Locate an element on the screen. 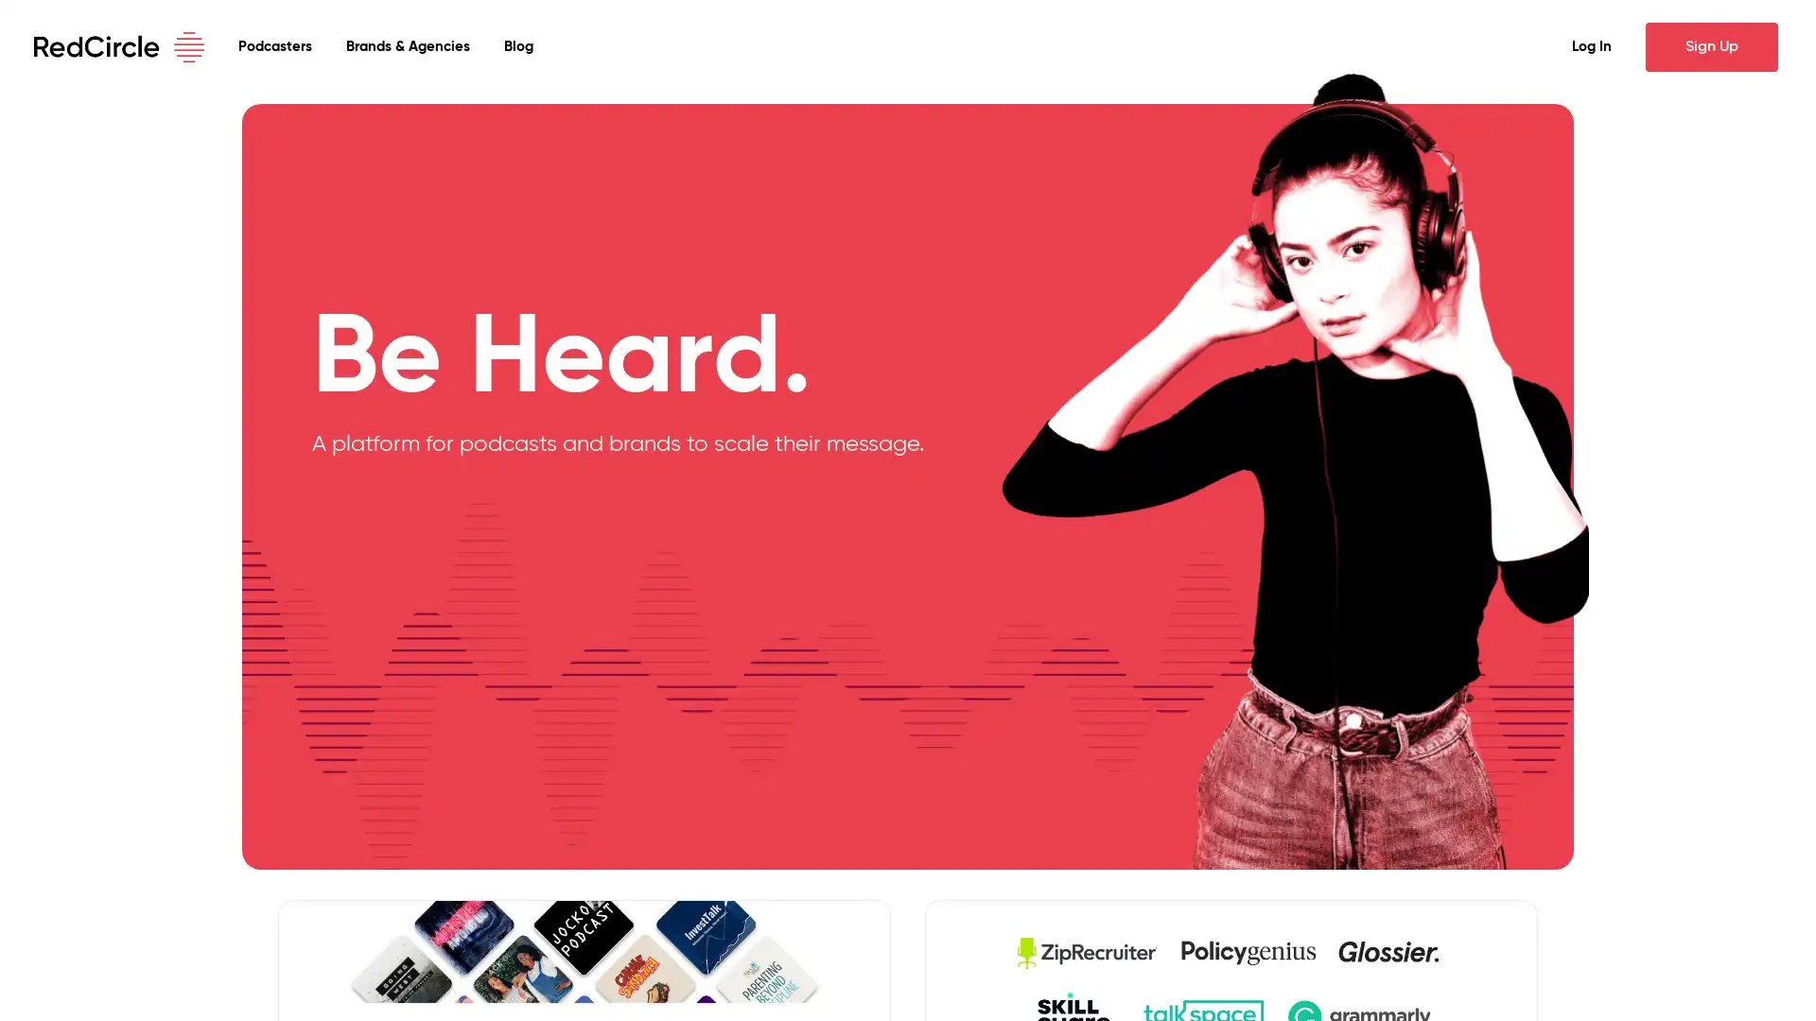 The height and width of the screenshot is (1021, 1816). Sign Up is located at coordinates (1711, 46).